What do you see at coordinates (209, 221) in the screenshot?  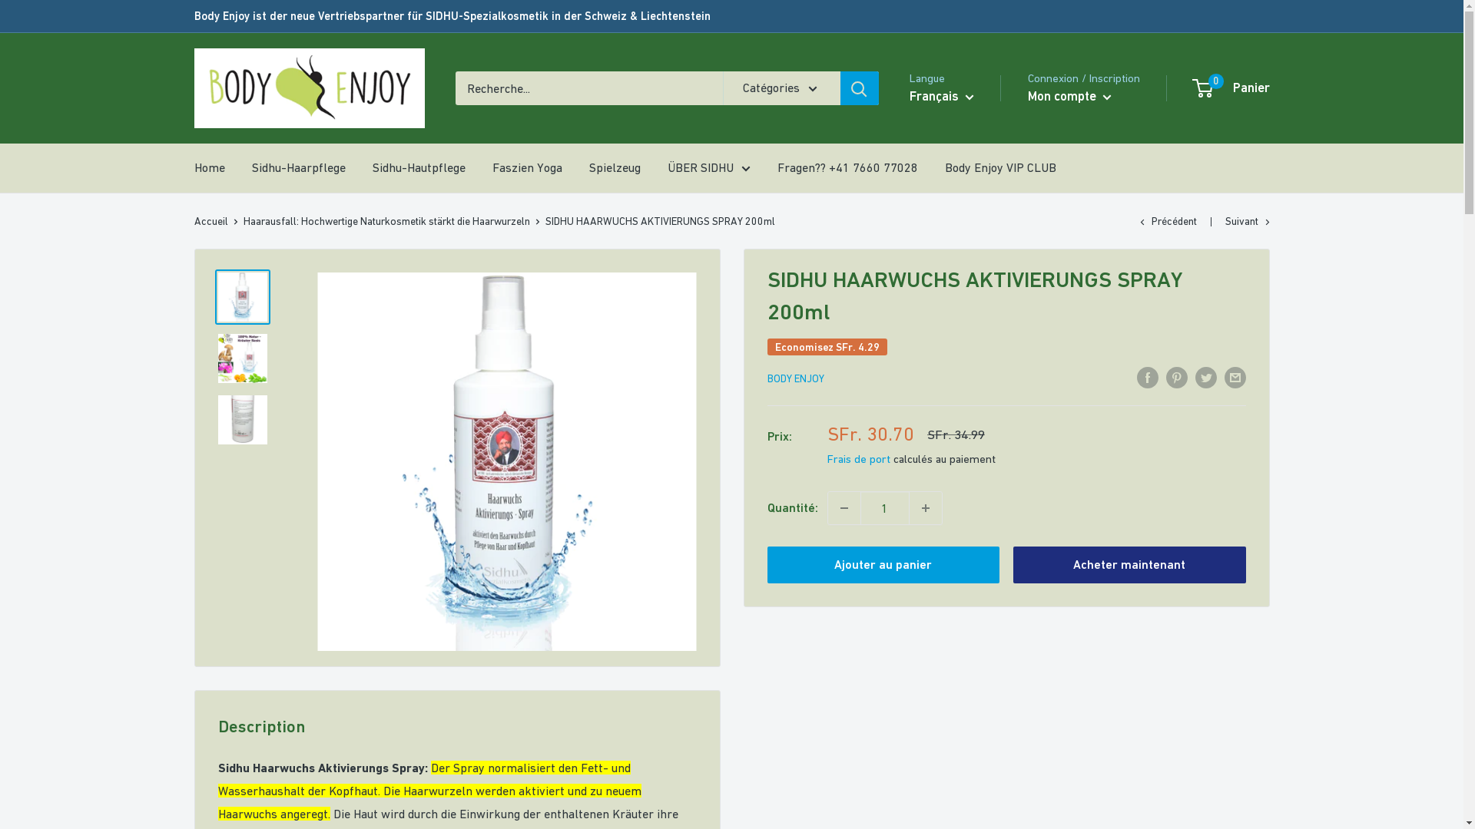 I see `'Accueil'` at bounding box center [209, 221].